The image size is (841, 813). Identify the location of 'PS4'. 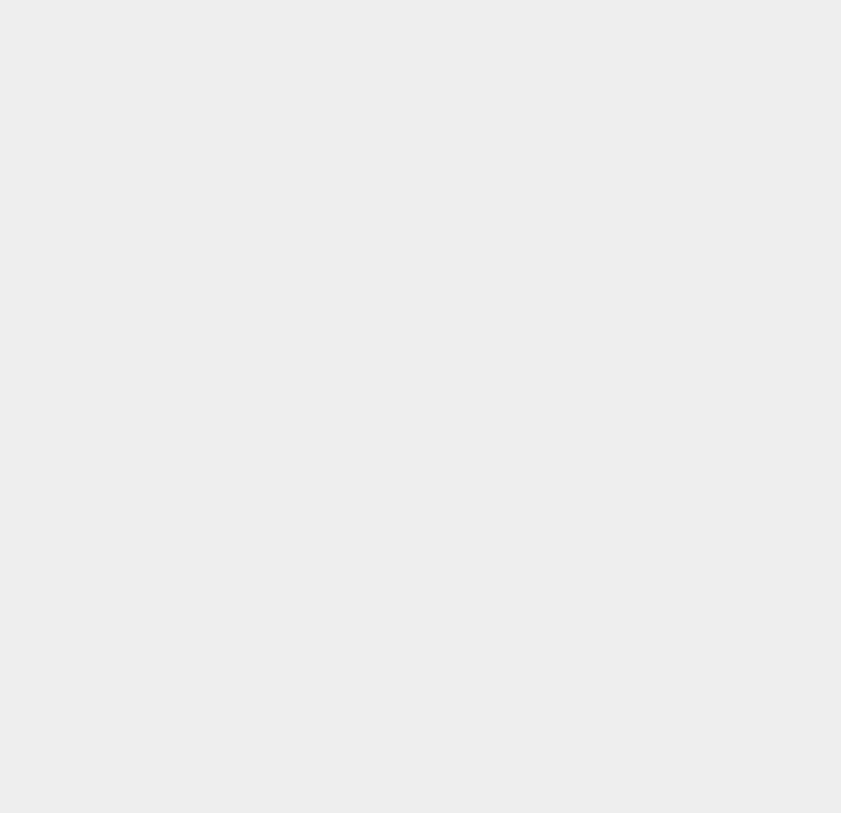
(604, 577).